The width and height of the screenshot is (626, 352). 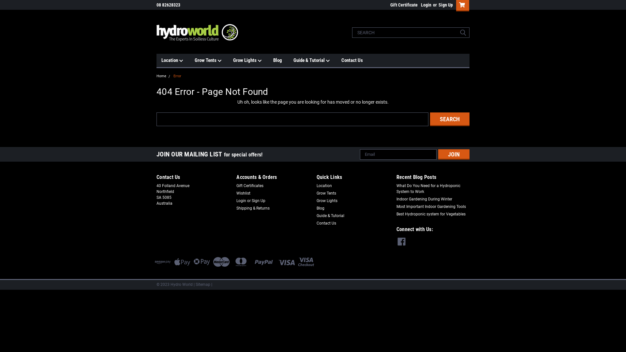 I want to click on 'Wishlist', so click(x=243, y=193).